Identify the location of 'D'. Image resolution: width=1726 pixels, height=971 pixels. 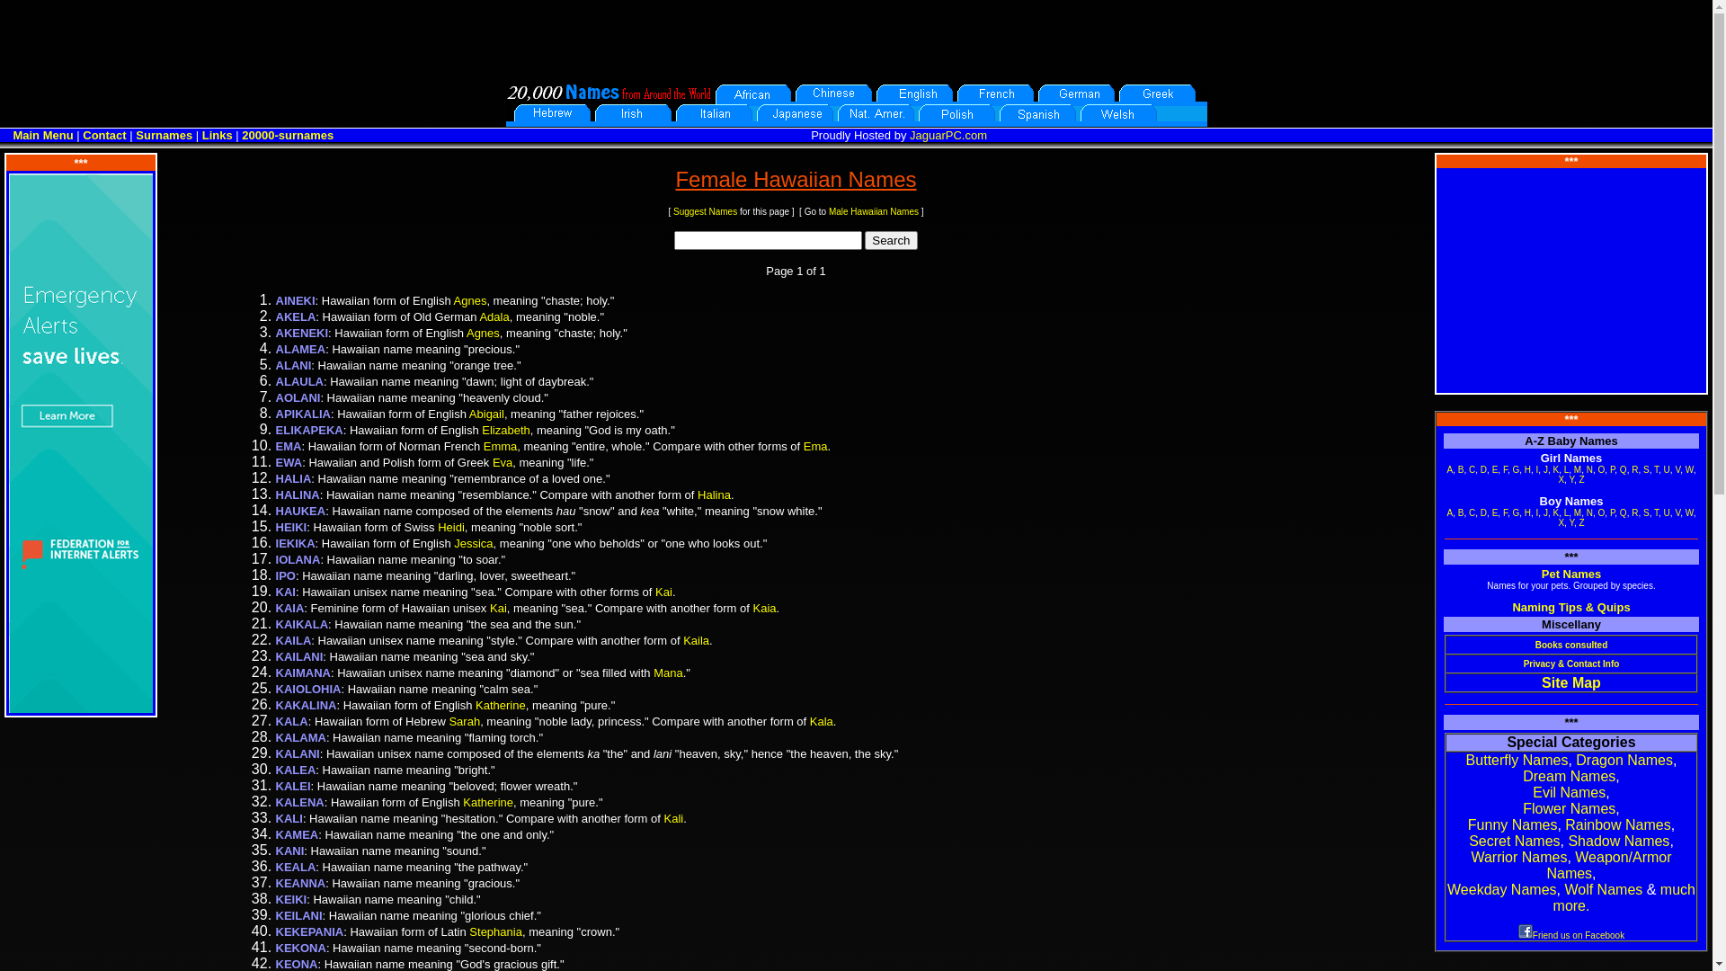
(1483, 468).